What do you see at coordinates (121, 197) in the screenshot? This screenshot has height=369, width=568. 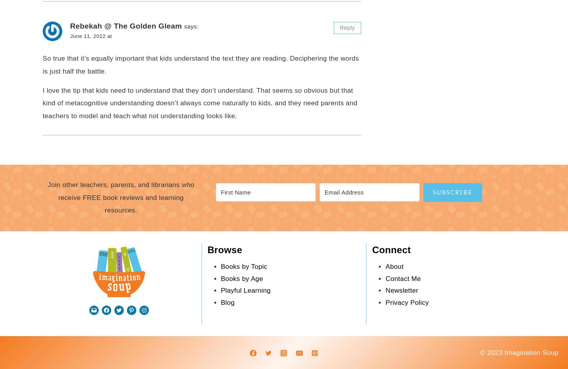 I see `'Join other teachers, parents, and librarians who receive FREE book reviews and learning resources.'` at bounding box center [121, 197].